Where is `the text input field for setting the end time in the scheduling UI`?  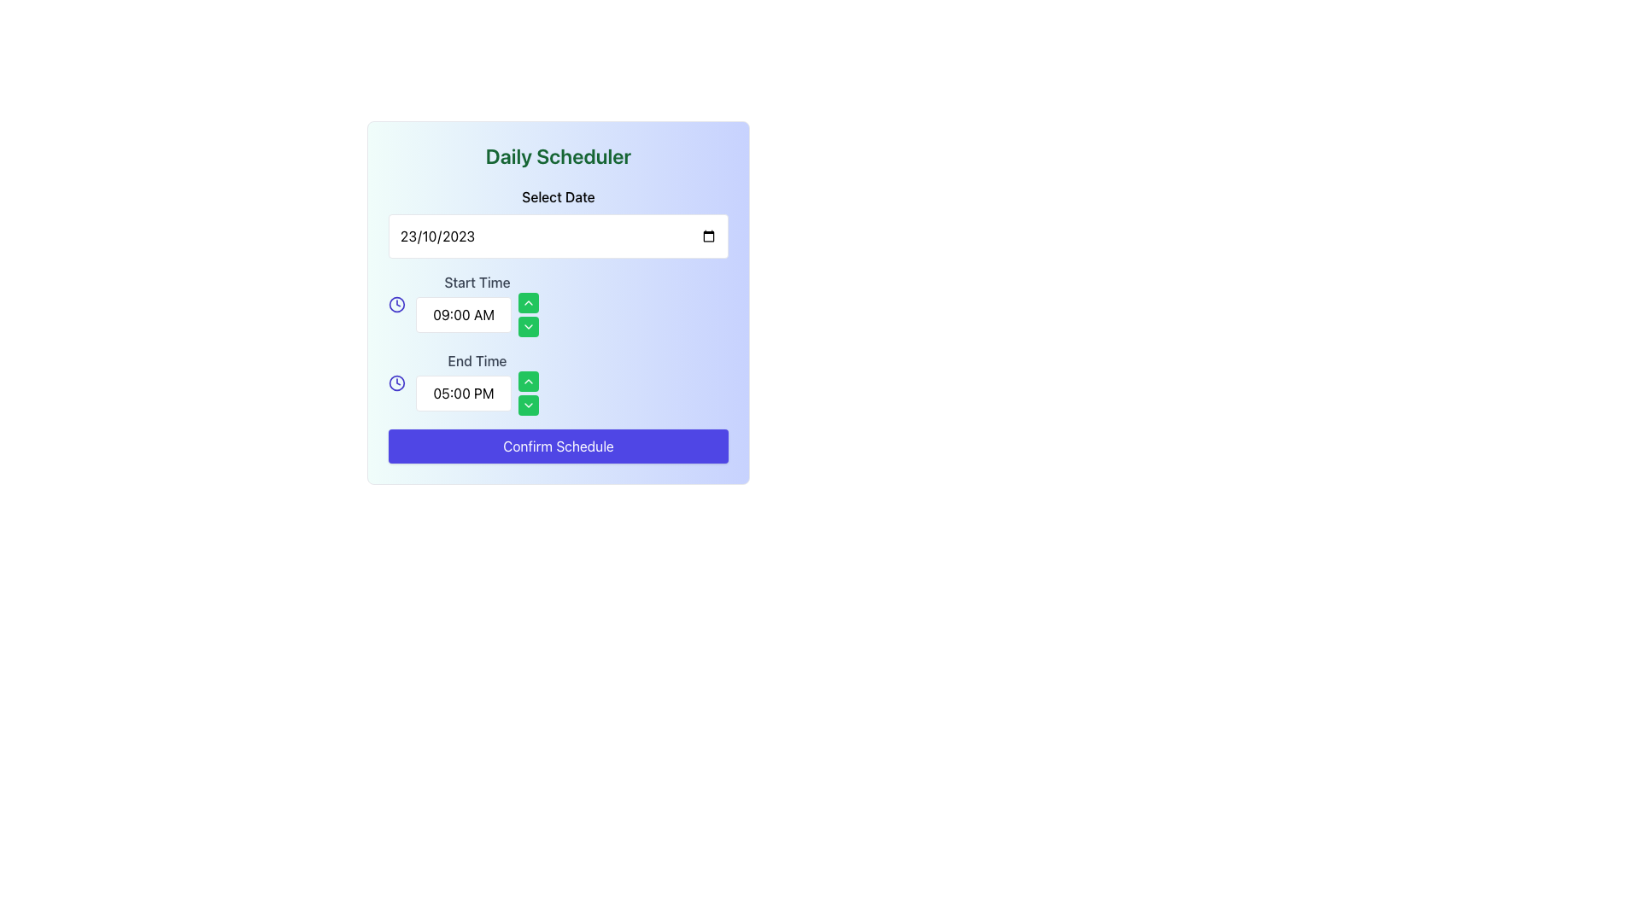
the text input field for setting the end time in the scheduling UI is located at coordinates (477, 394).